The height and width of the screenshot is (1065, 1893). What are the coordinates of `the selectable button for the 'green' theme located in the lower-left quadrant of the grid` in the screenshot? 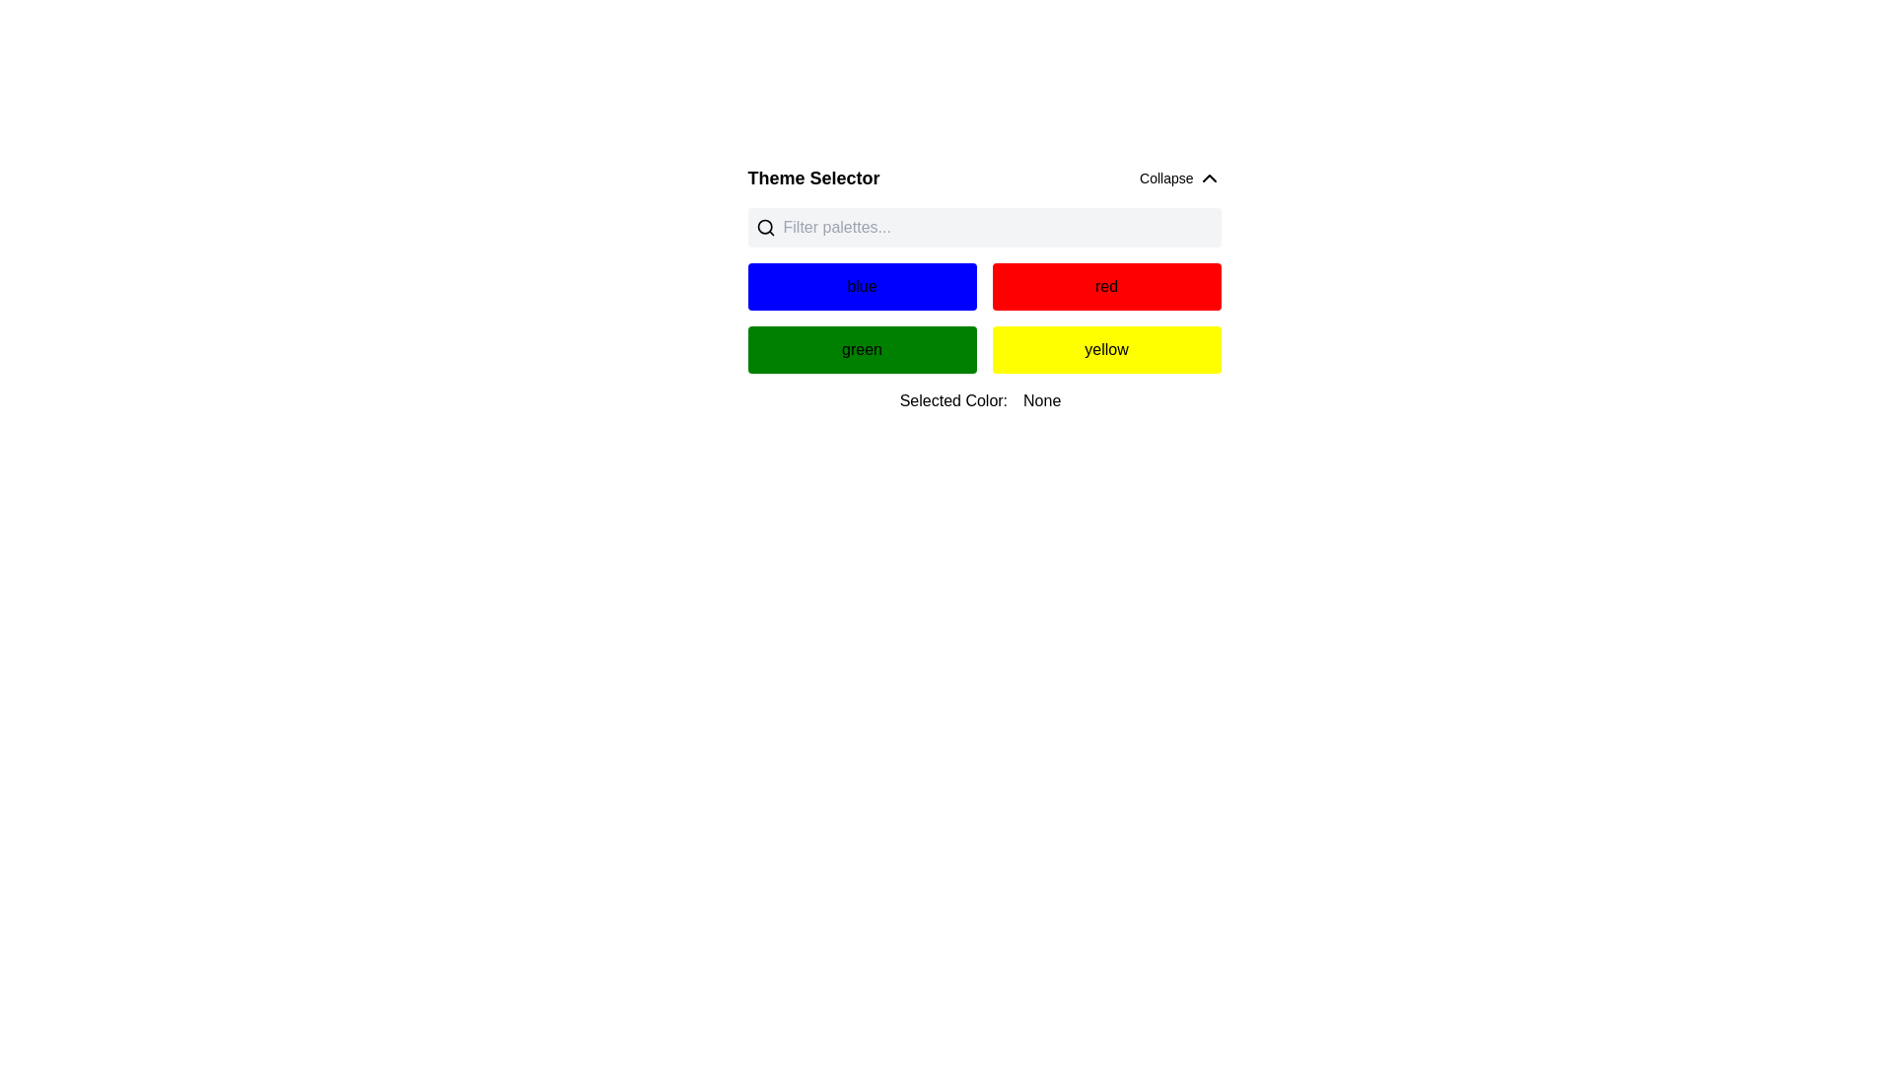 It's located at (862, 348).